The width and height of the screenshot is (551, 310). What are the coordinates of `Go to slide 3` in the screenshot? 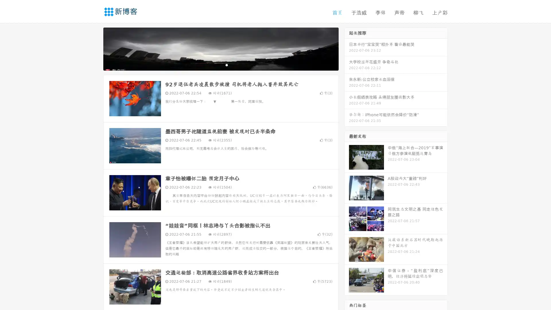 It's located at (226, 65).